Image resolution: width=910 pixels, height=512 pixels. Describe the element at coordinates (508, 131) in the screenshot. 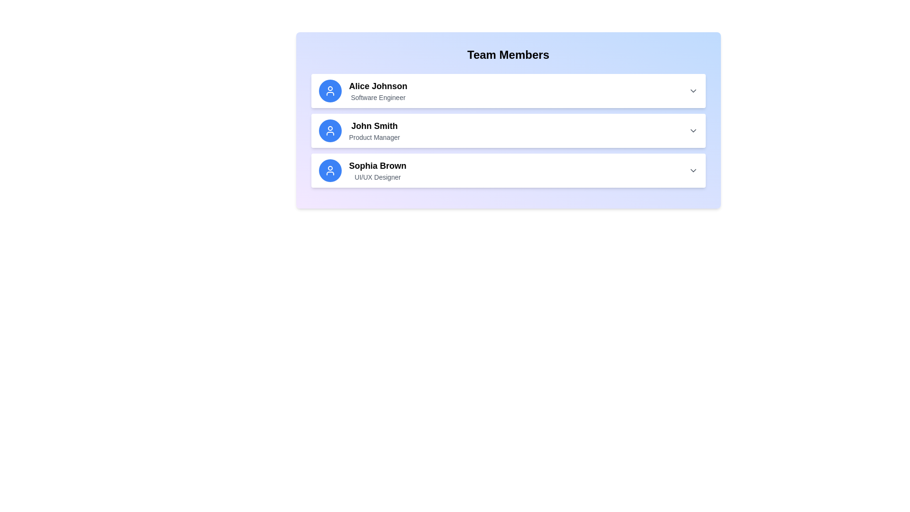

I see `the name on the second Profile Card in the 'Team Members' section` at that location.